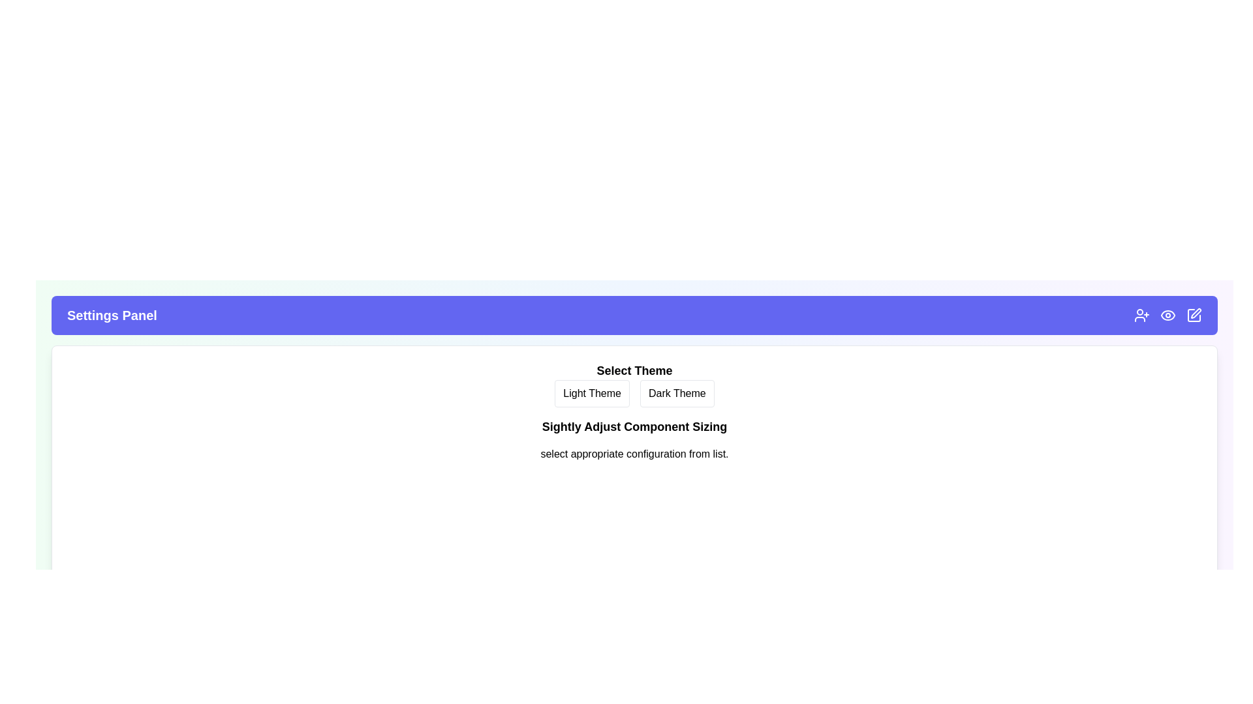 Image resolution: width=1253 pixels, height=704 pixels. I want to click on the 'Light Theme' button, which is a rectangular button with the text 'Light Theme' centered on it, located below the label 'Select Theme' and to the left of the 'Dark Theme' button, so click(591, 393).